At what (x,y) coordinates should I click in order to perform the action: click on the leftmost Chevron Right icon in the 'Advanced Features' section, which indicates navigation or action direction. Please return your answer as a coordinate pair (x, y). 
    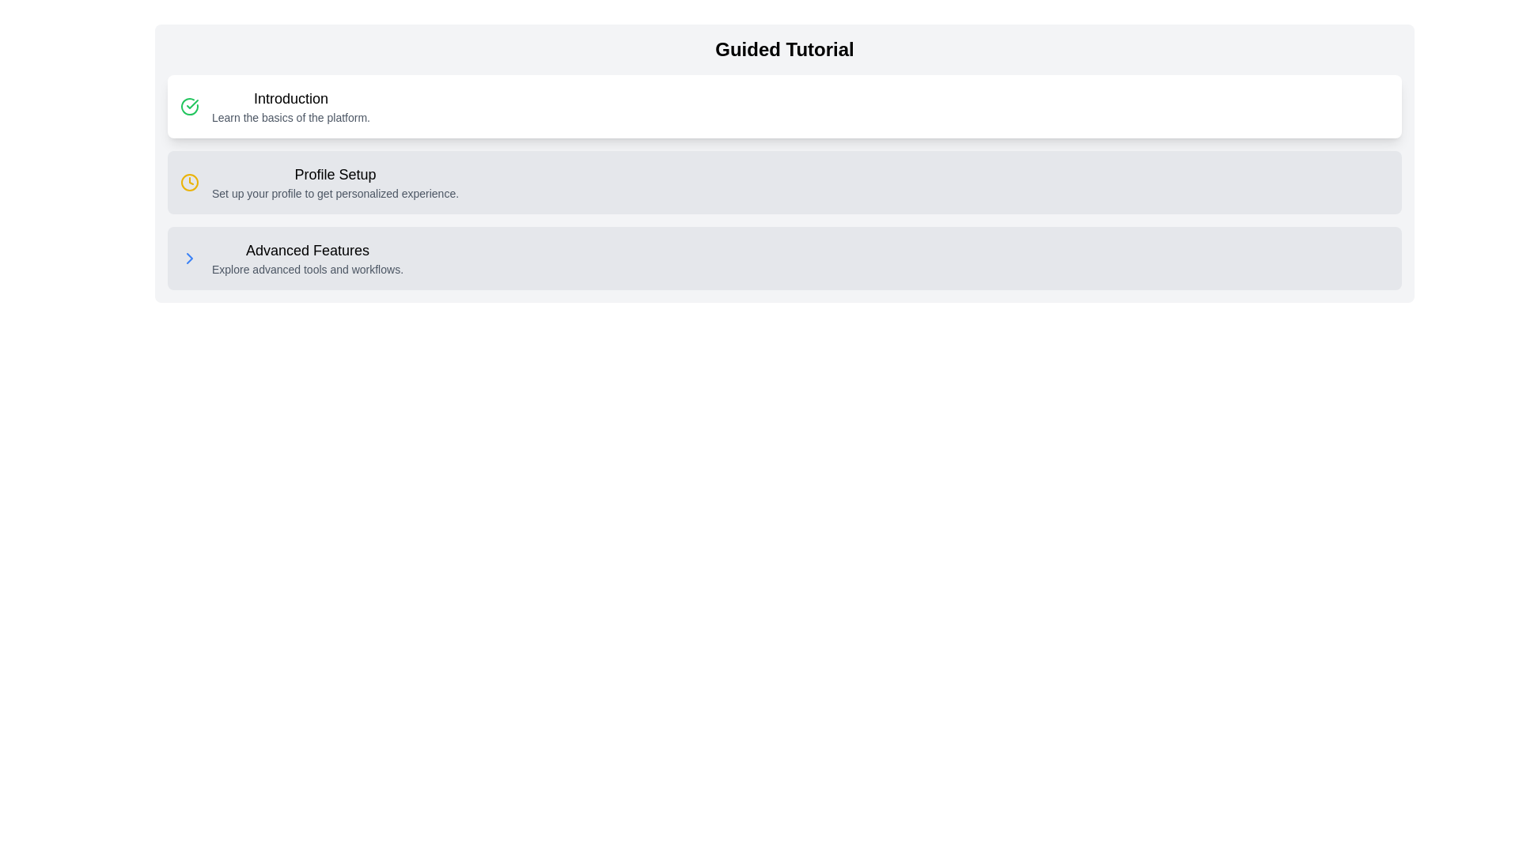
    Looking at the image, I should click on (190, 258).